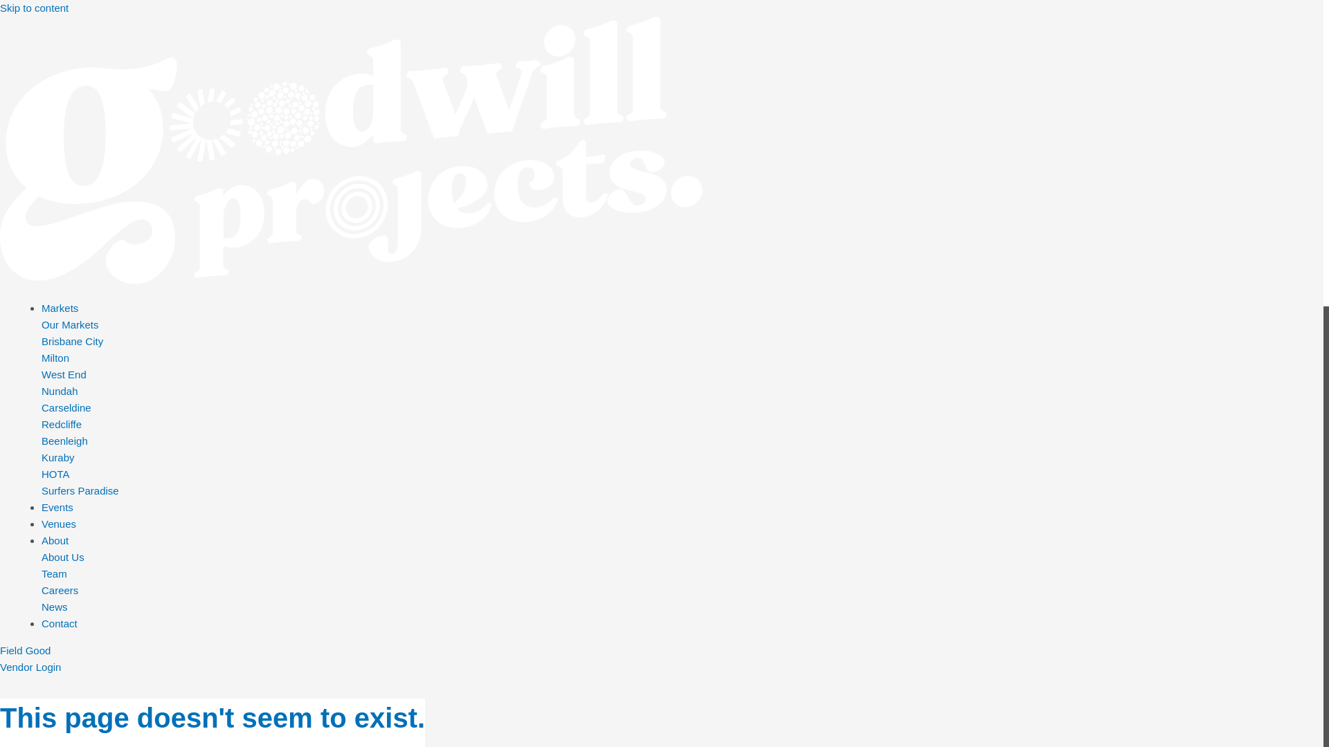 This screenshot has height=747, width=1329. What do you see at coordinates (55, 473) in the screenshot?
I see `'HOTA'` at bounding box center [55, 473].